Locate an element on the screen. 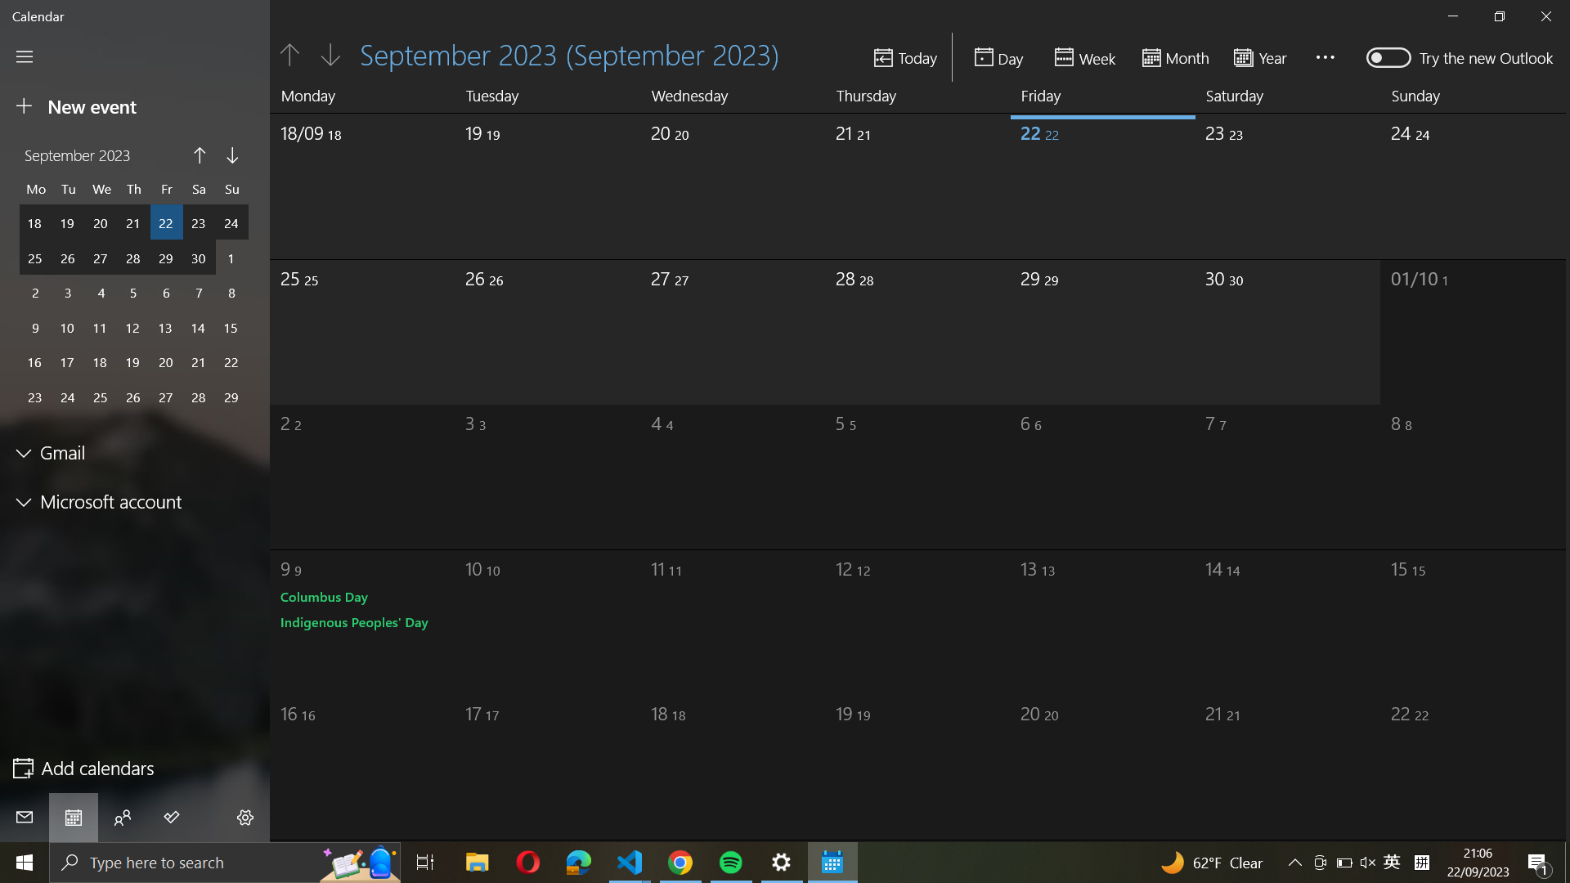  Switch mode to "weekly" calendar is located at coordinates (1087, 56).